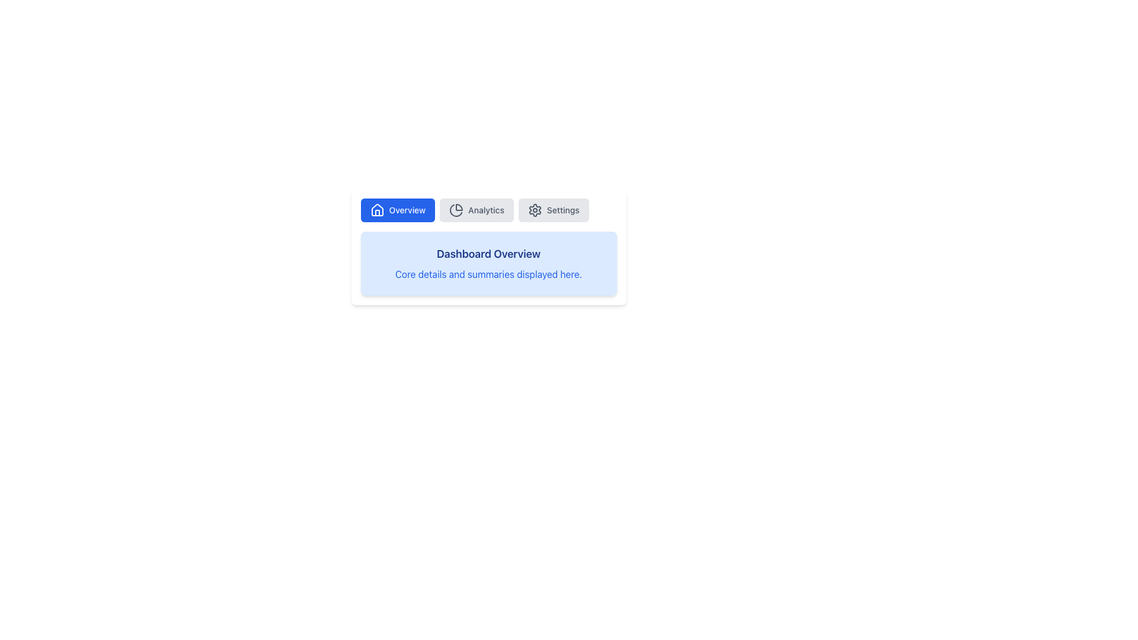  Describe the element at coordinates (488, 274) in the screenshot. I see `text information from the text label that displays 'Core details and summaries displayed here.' located within the blue card titled 'Dashboard Overview'` at that location.